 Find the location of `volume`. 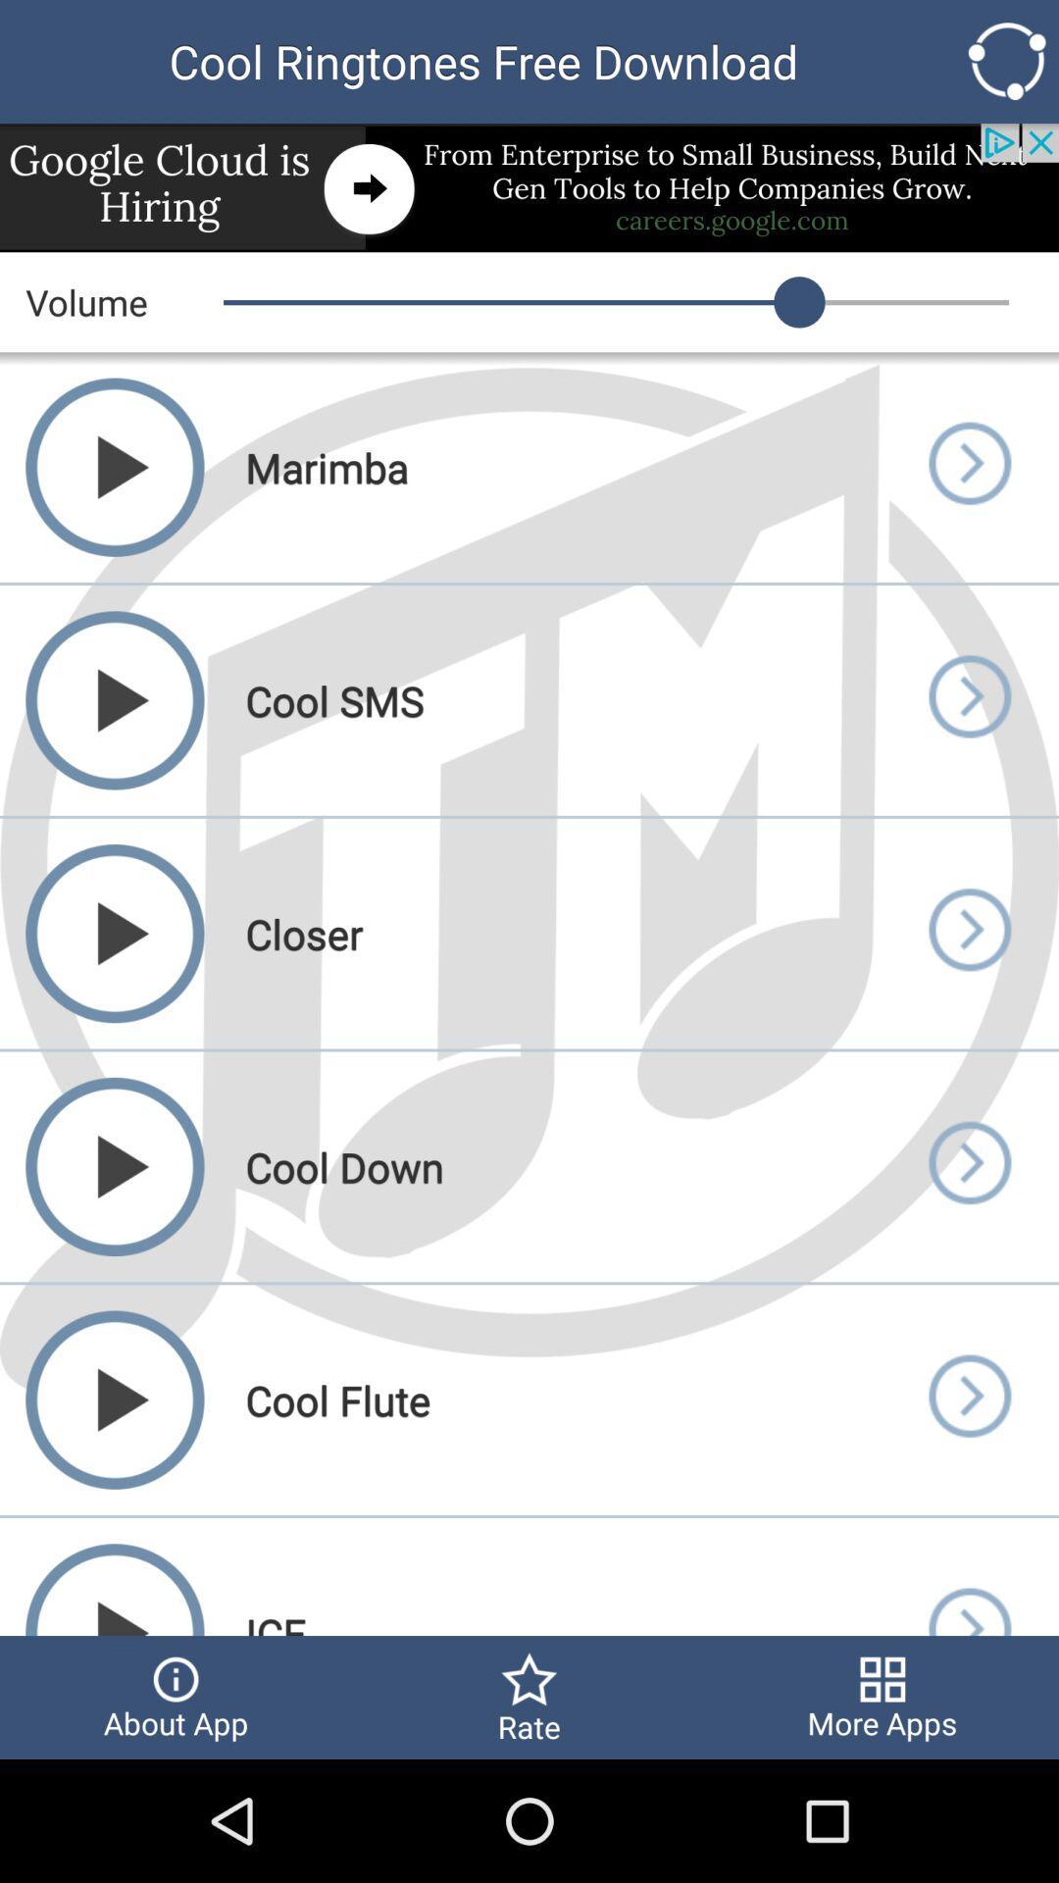

volume is located at coordinates (968, 933).